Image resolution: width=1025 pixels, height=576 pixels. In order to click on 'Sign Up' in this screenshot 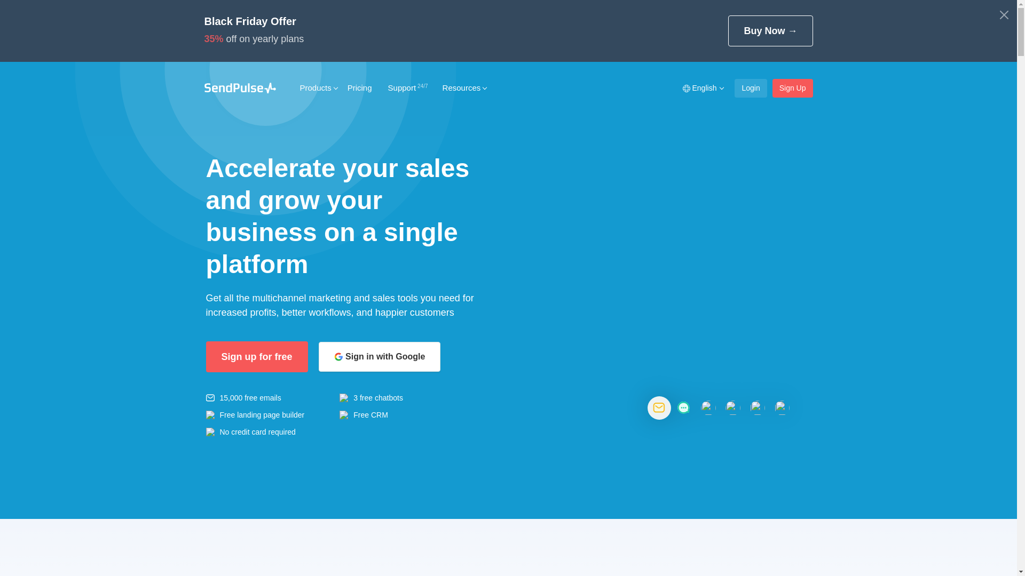, I will do `click(772, 87)`.